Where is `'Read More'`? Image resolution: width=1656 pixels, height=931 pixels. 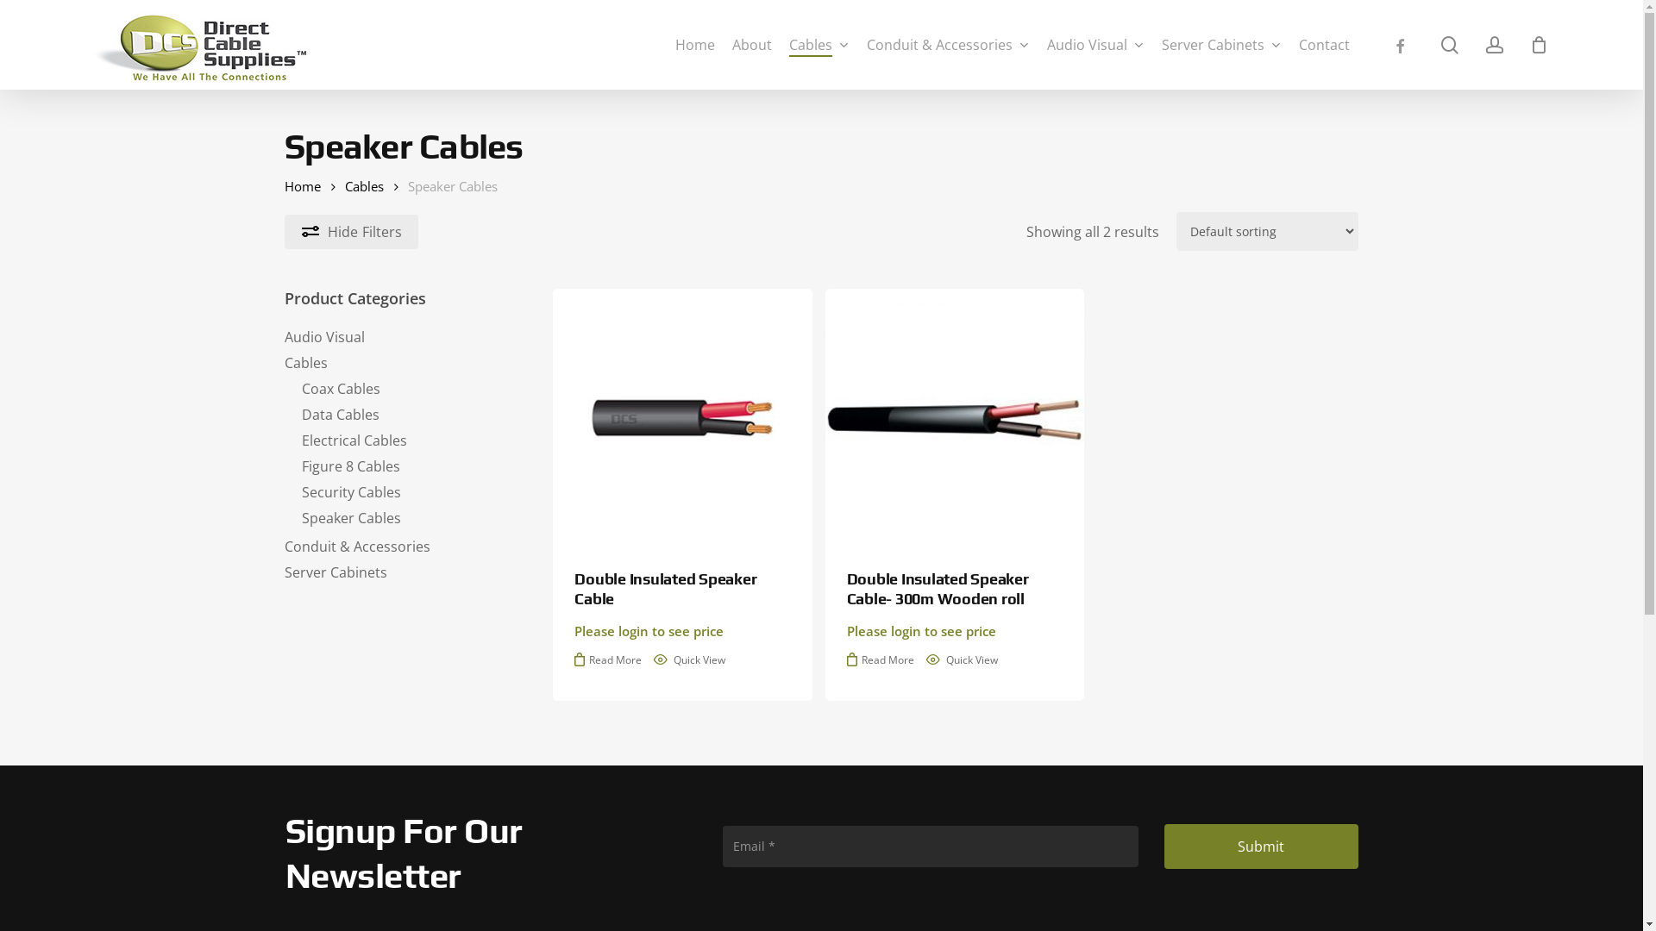 'Read More' is located at coordinates (608, 660).